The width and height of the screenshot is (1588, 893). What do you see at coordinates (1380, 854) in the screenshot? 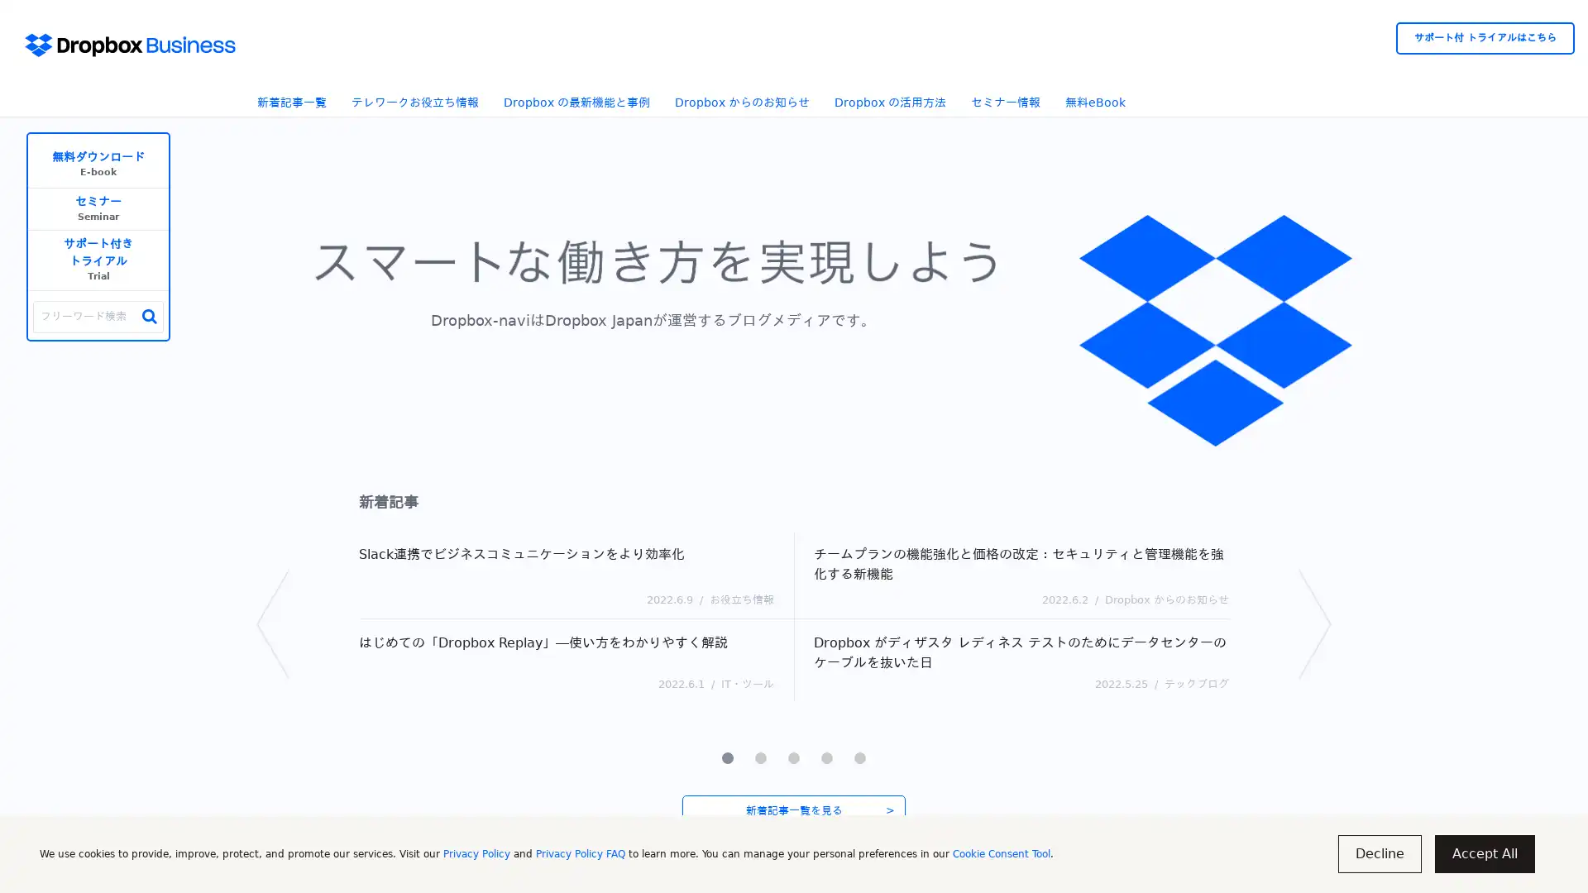
I see `Decline` at bounding box center [1380, 854].